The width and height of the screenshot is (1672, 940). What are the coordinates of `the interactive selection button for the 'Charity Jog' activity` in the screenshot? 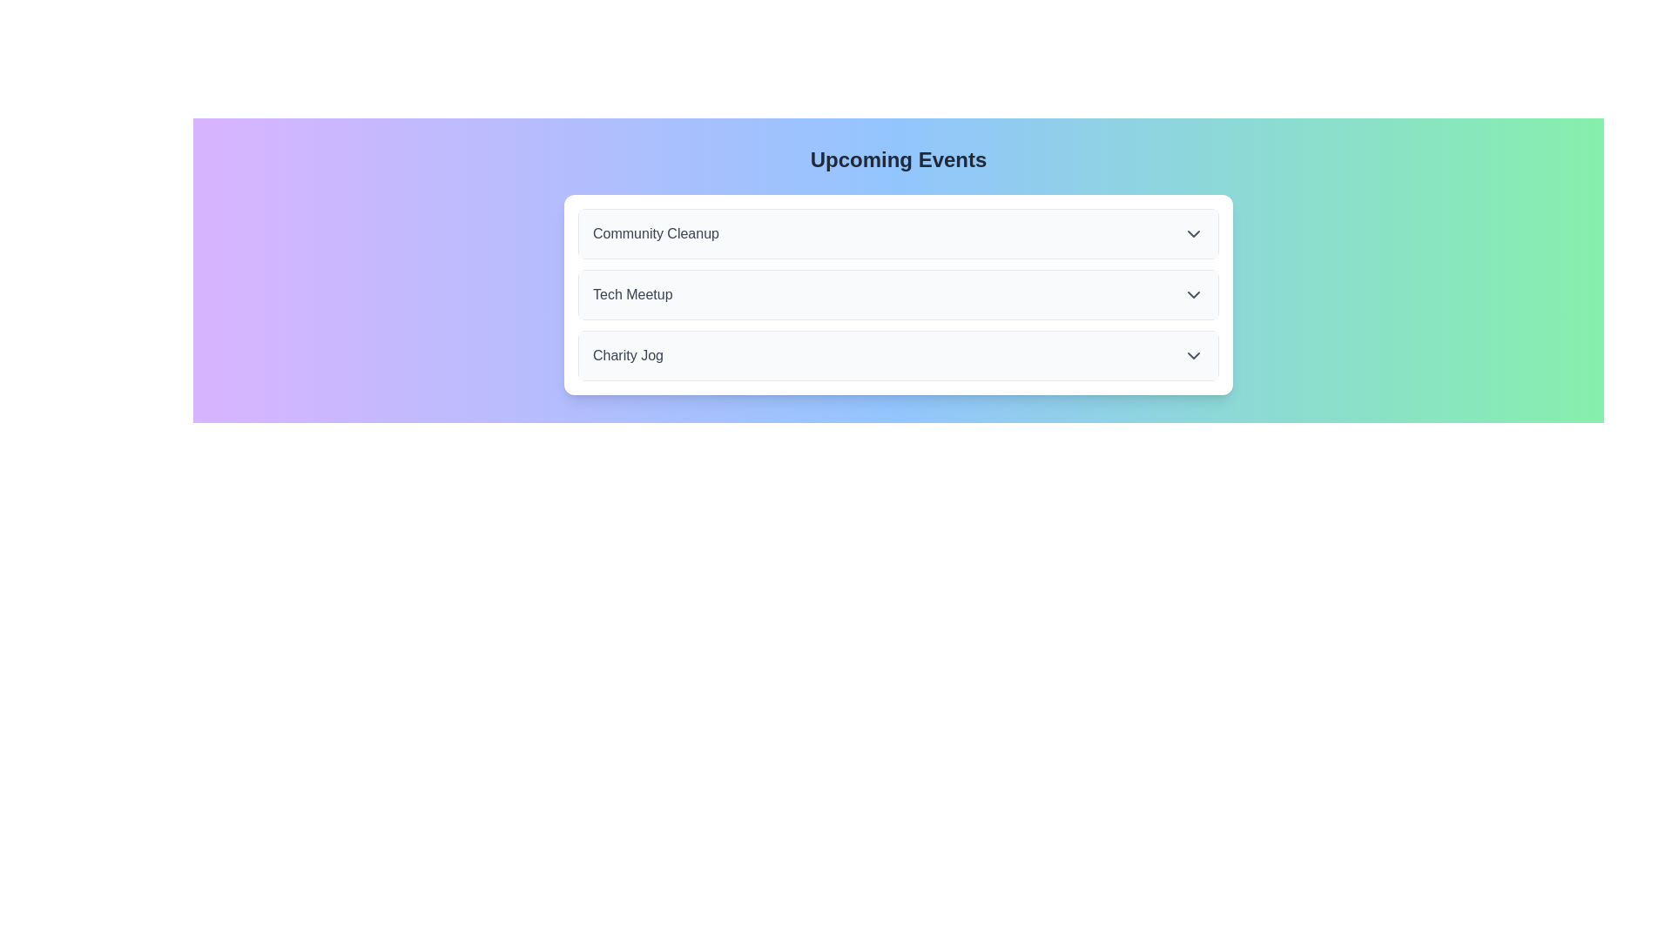 It's located at (899, 354).